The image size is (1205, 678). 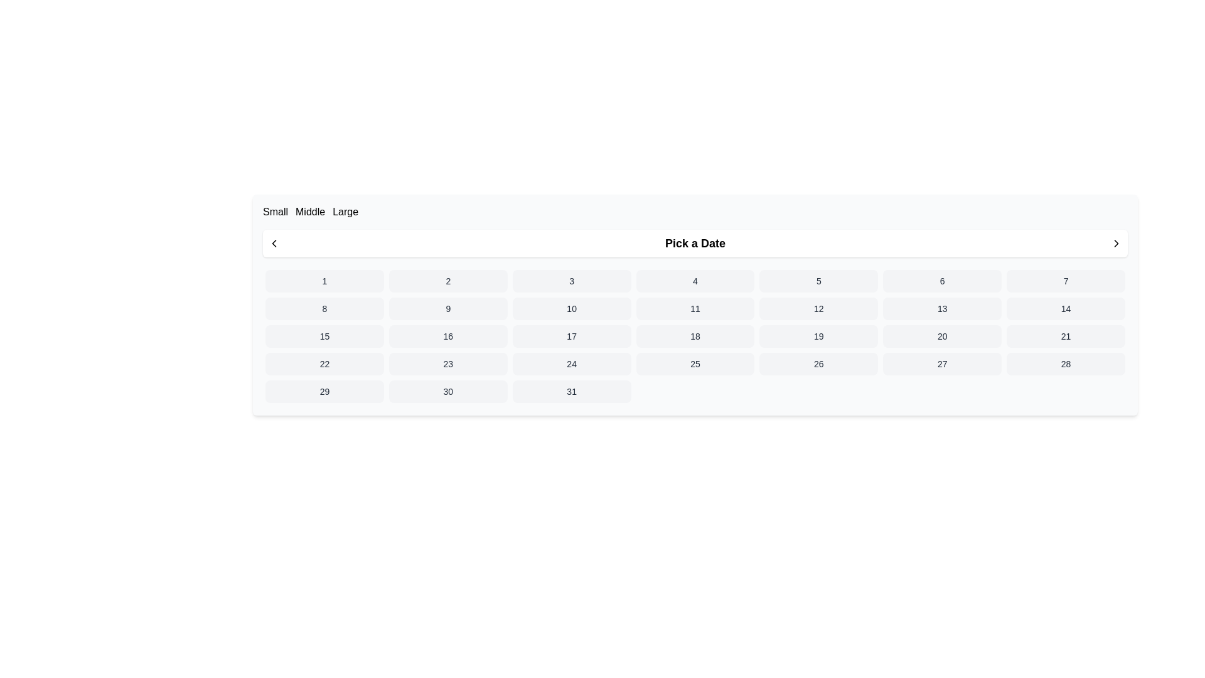 What do you see at coordinates (695, 363) in the screenshot?
I see `the button labeled '25' in the last row of a 7-column grid` at bounding box center [695, 363].